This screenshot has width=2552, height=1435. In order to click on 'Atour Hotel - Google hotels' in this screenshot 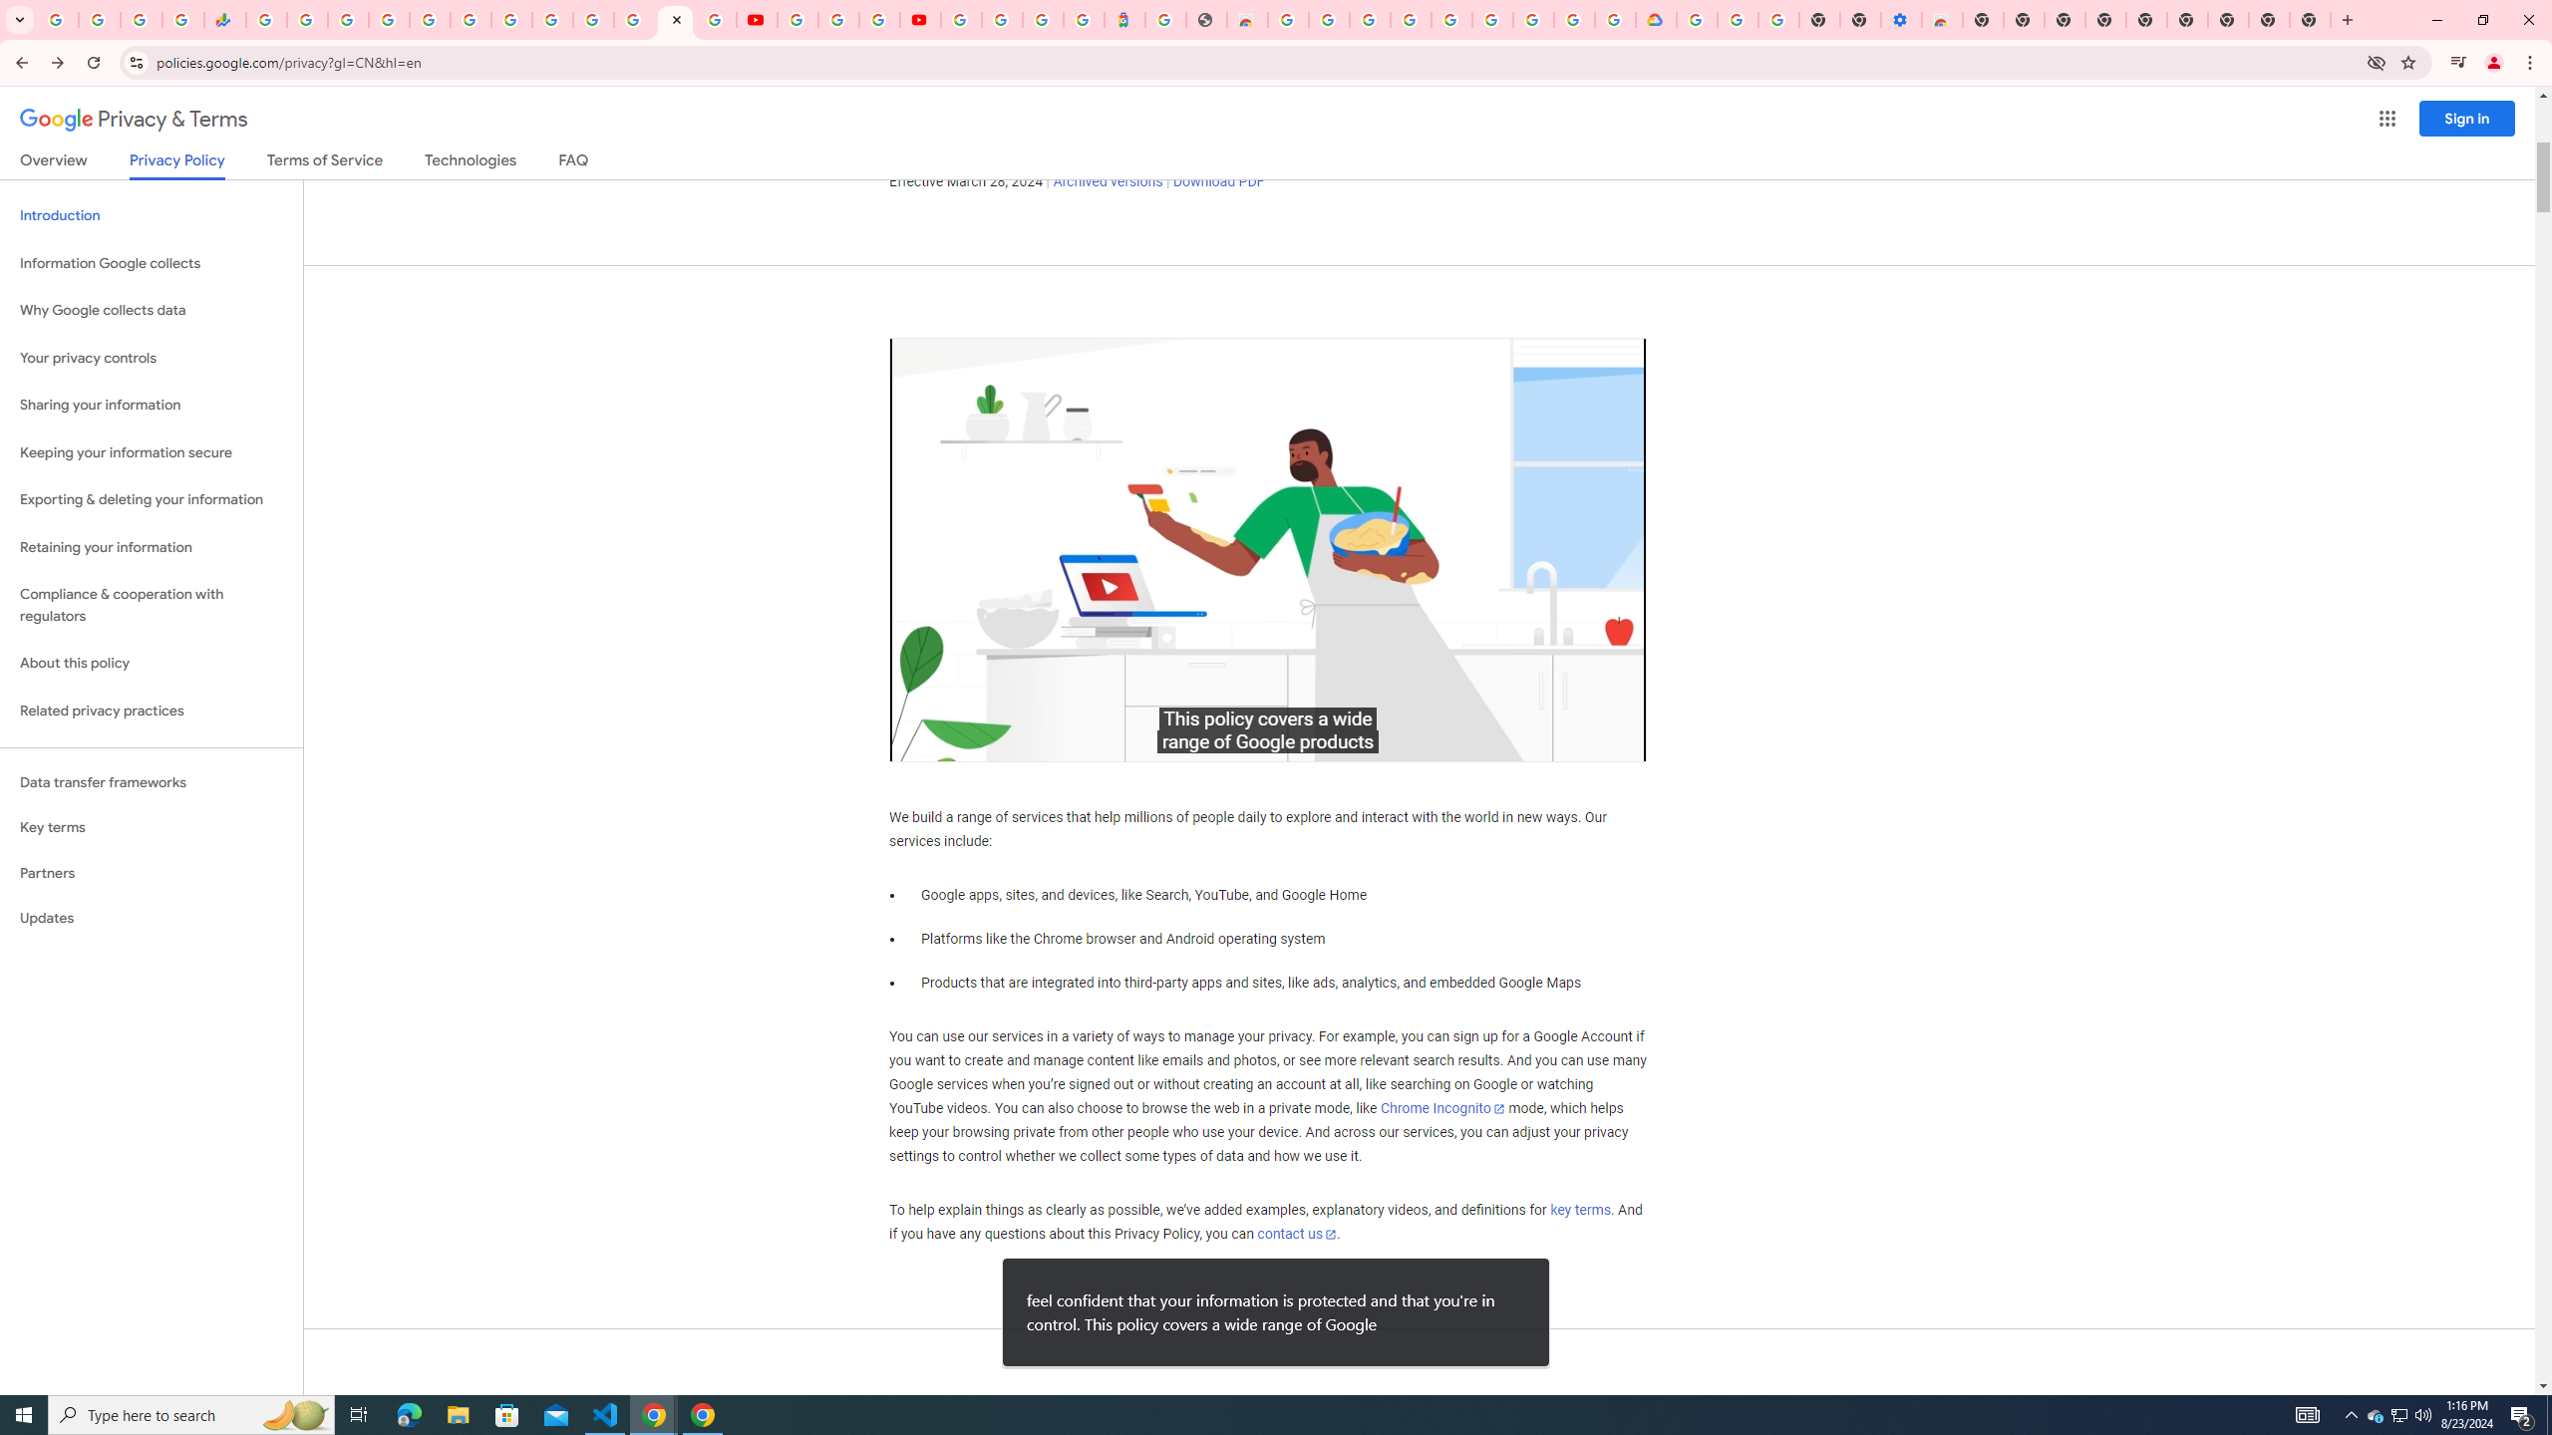, I will do `click(1122, 19)`.